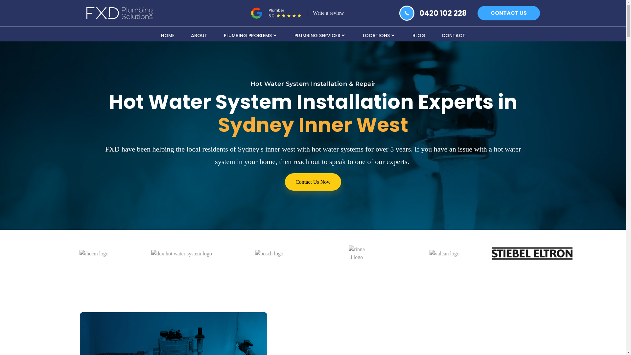 This screenshot has height=355, width=631. I want to click on 'ABOUT', so click(183, 35).